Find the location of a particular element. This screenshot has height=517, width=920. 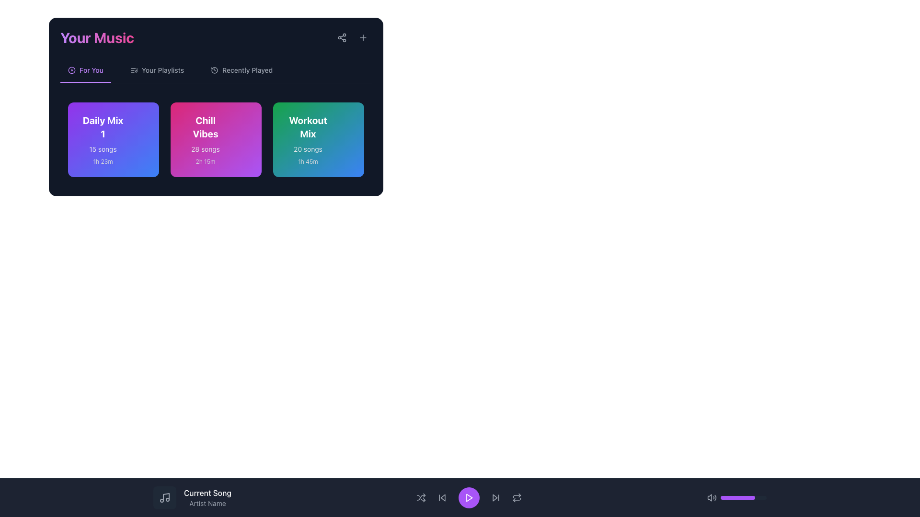

the history icon, which is a monochromatic gray circular arrow motif located to the left of the 'Recently Played' label in the 'Your Music' section of the navigation bar is located at coordinates (214, 69).